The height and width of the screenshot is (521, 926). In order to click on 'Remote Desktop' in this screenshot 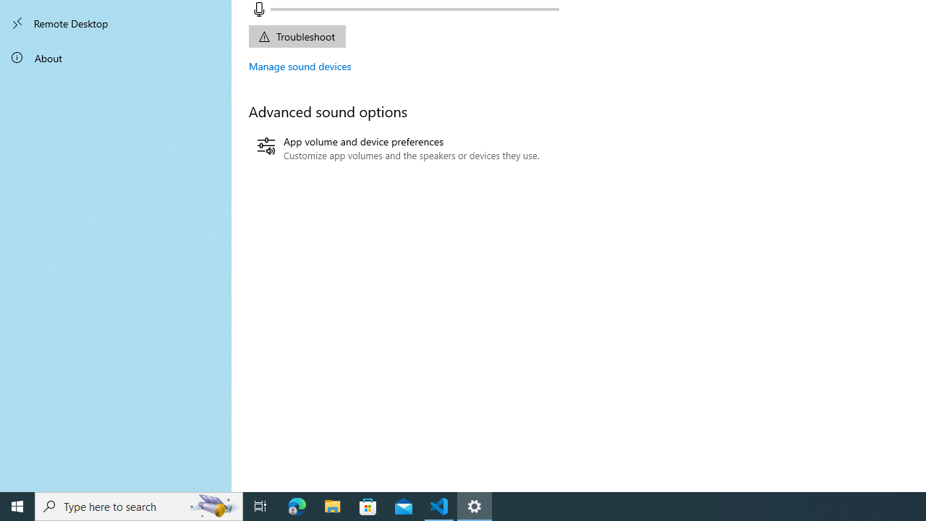, I will do `click(116, 23)`.